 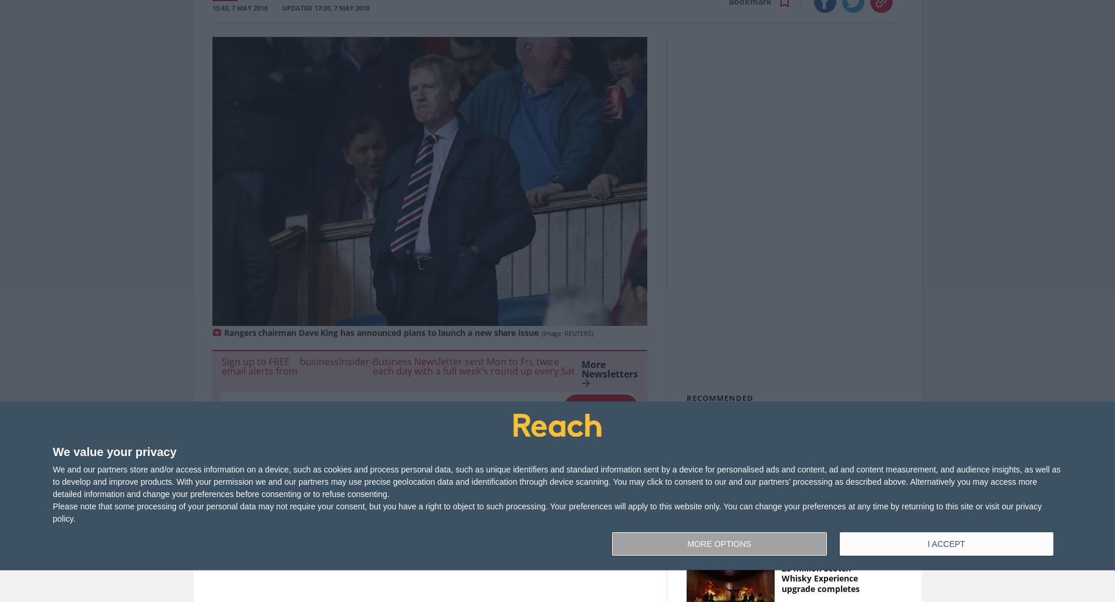 What do you see at coordinates (370, 360) in the screenshot?
I see `'-'` at bounding box center [370, 360].